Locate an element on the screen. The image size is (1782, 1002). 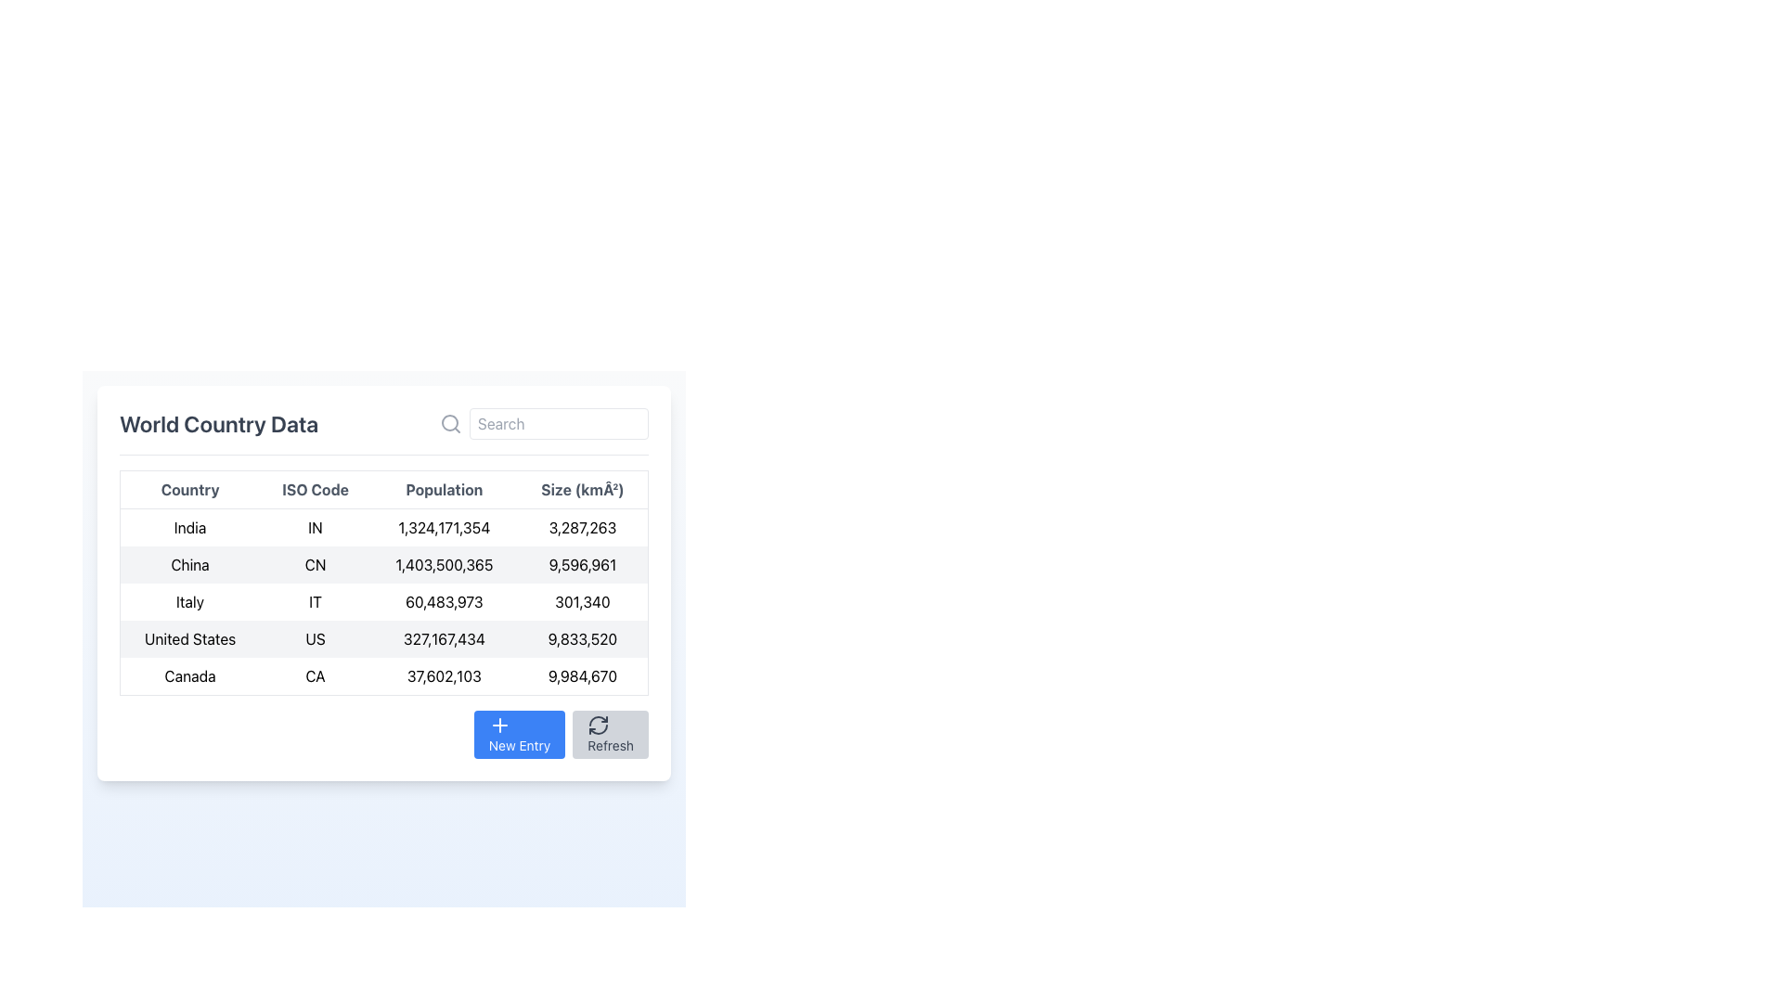
the static text label displaying the size of Canada in square kilometers, located in the rightmost cell of the row for Canada in the table is located at coordinates (582, 676).